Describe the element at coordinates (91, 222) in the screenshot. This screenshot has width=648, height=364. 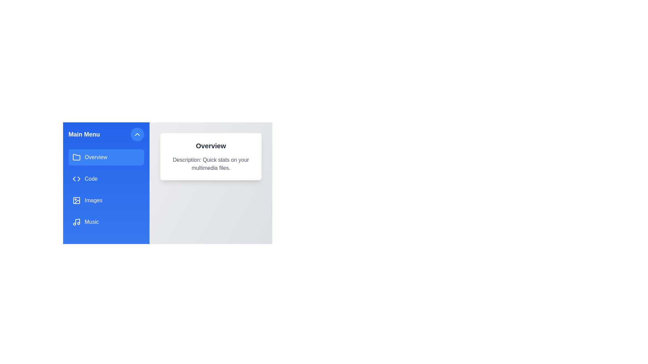
I see `the text label in the sidebar menu related to music` at that location.